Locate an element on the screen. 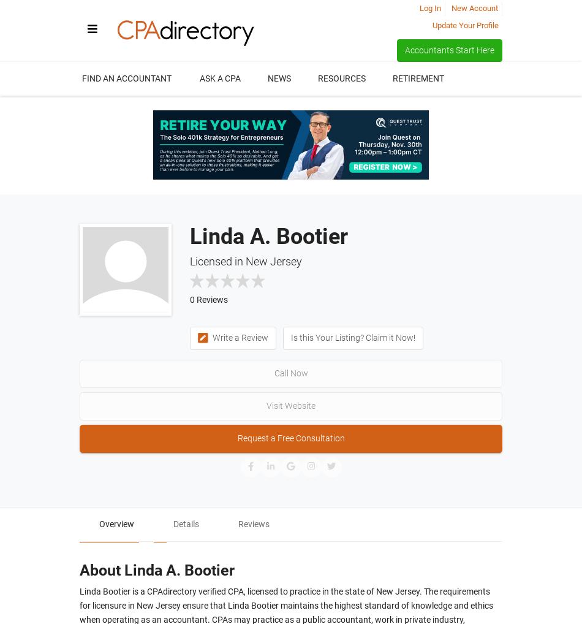 This screenshot has width=582, height=624. 'Find an Accountant' is located at coordinates (127, 78).